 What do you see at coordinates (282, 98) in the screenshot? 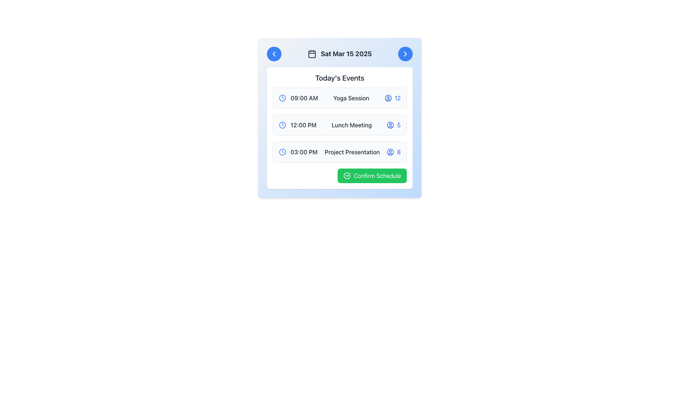
I see `the blue outline clock icon located next to the text '09:00 AM' in the first event entry of the schedule` at bounding box center [282, 98].